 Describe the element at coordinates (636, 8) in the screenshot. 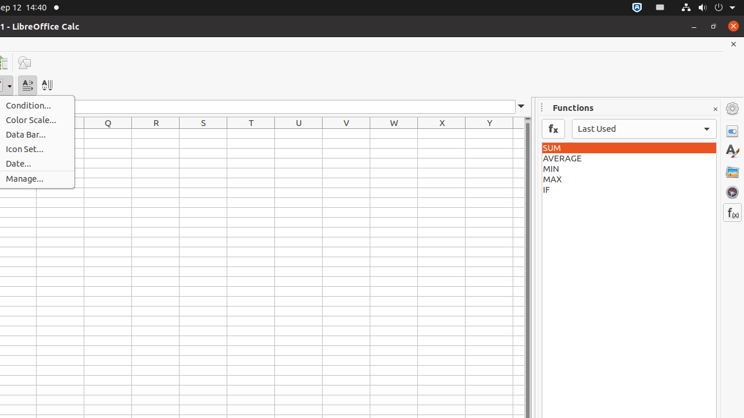

I see `':1.72/StatusNotifierItem'` at that location.